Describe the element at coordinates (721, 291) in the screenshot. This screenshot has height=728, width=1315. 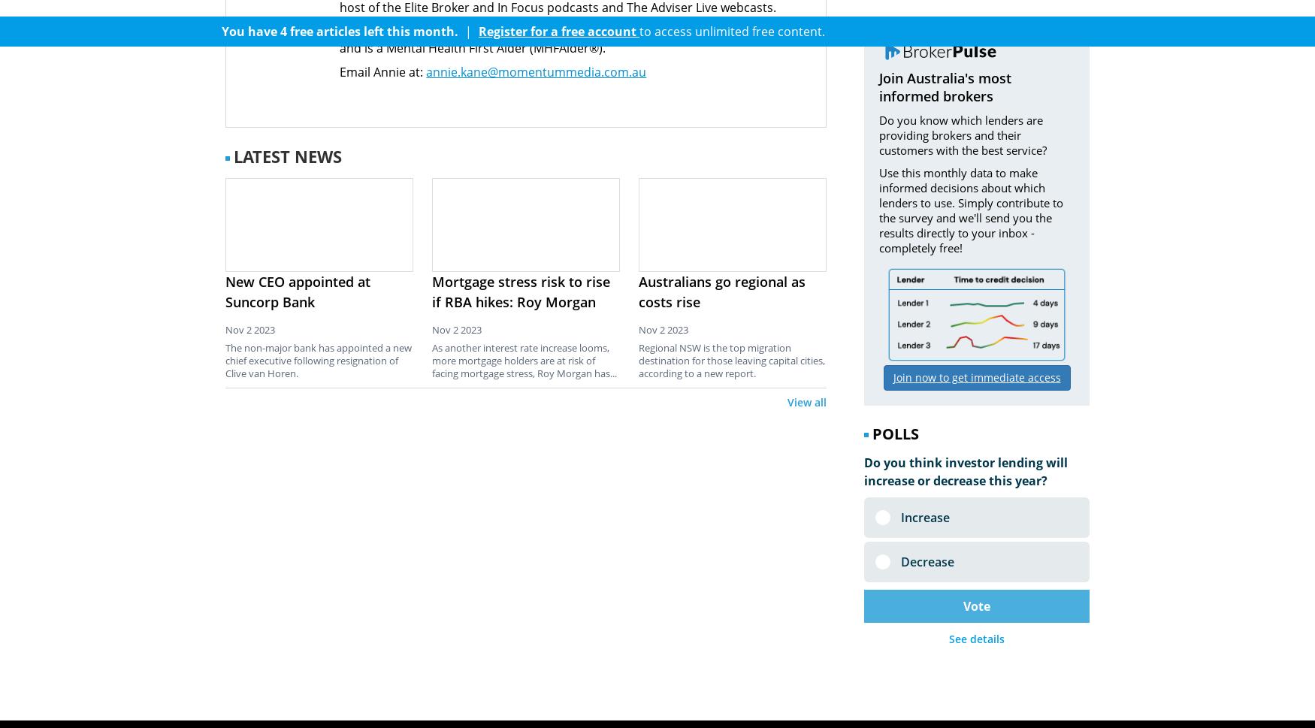
I see `'Australians go regional as costs rise'` at that location.